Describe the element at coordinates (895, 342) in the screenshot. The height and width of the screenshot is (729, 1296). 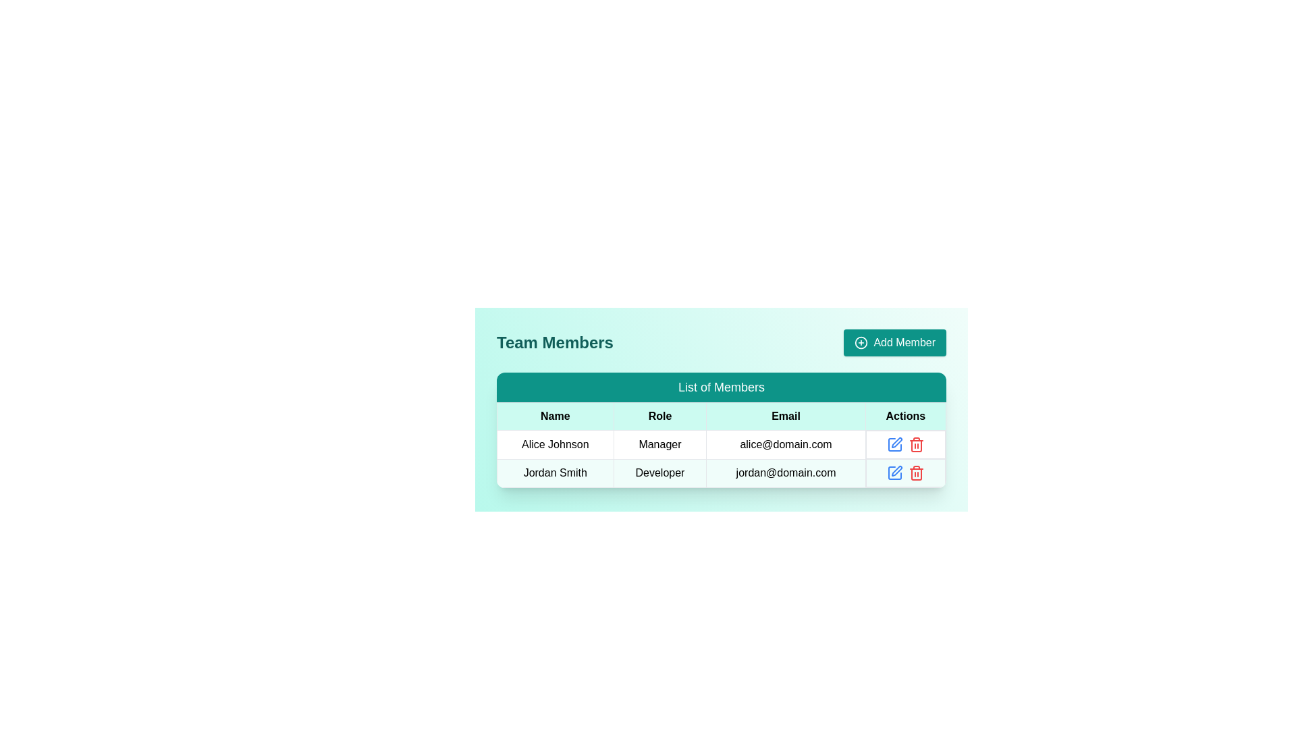
I see `the button located in the upper right section of the layout, next to the header text 'Team Members'` at that location.